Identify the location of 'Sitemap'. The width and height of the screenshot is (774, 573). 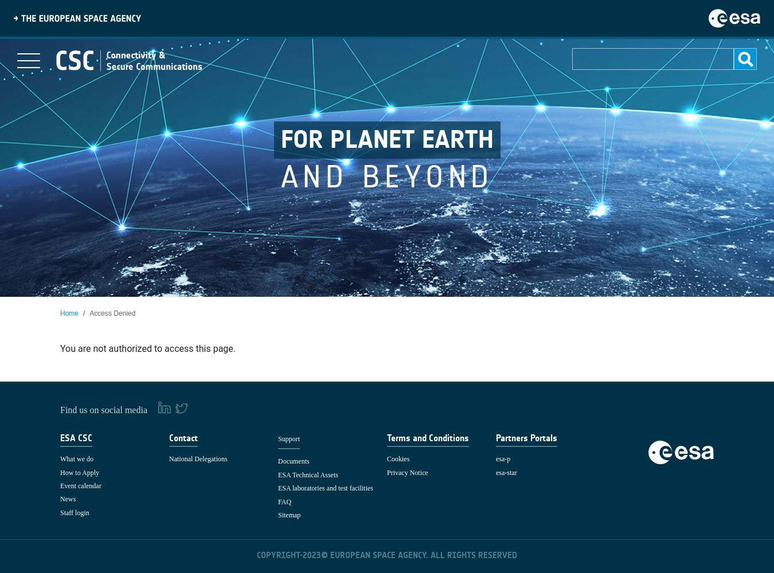
(288, 515).